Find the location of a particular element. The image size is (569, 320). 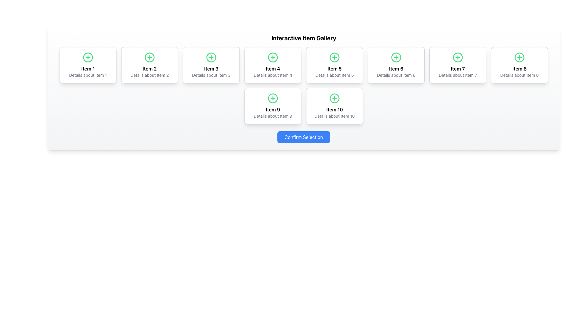

the green circular '+' icon centered above the text 'Item 5' is located at coordinates (334, 57).